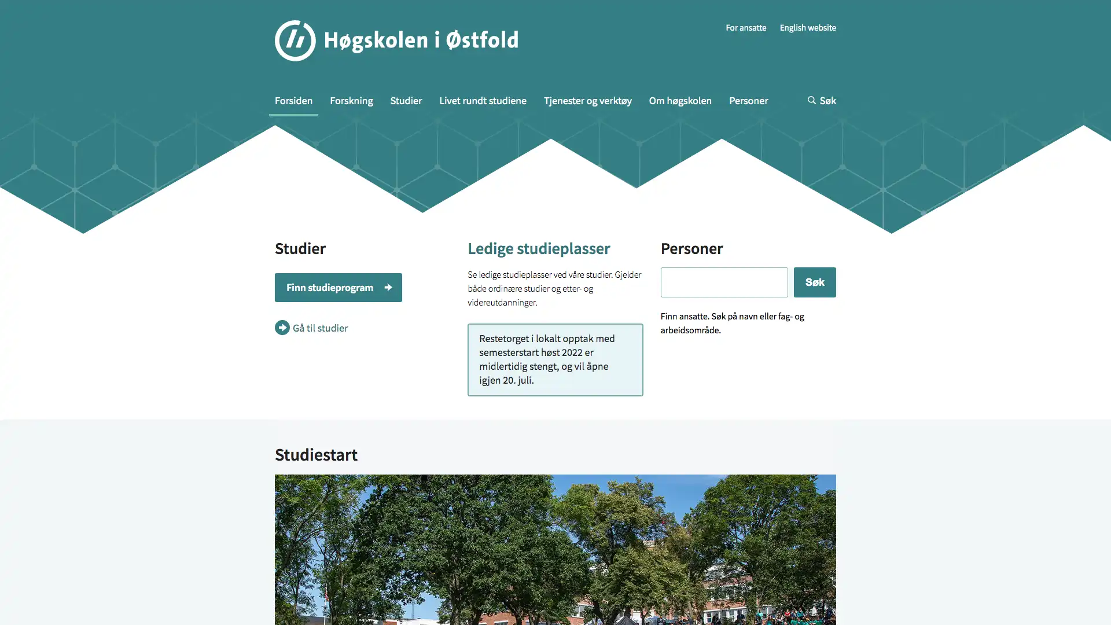 This screenshot has height=625, width=1111. What do you see at coordinates (814, 160) in the screenshot?
I see `Sk` at bounding box center [814, 160].